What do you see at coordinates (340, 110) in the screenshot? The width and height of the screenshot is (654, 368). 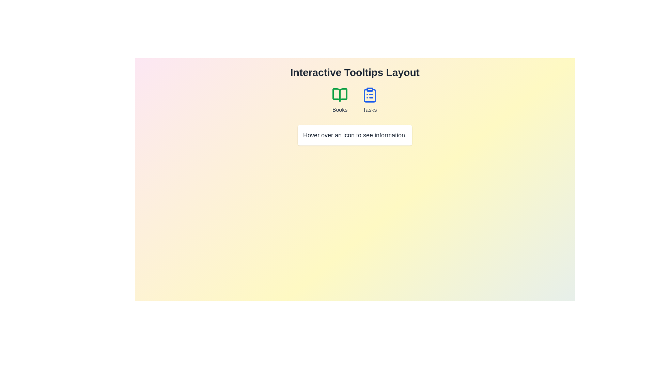 I see `the text label displaying 'Books', which is styled in medium gray and positioned below an open book icon` at bounding box center [340, 110].